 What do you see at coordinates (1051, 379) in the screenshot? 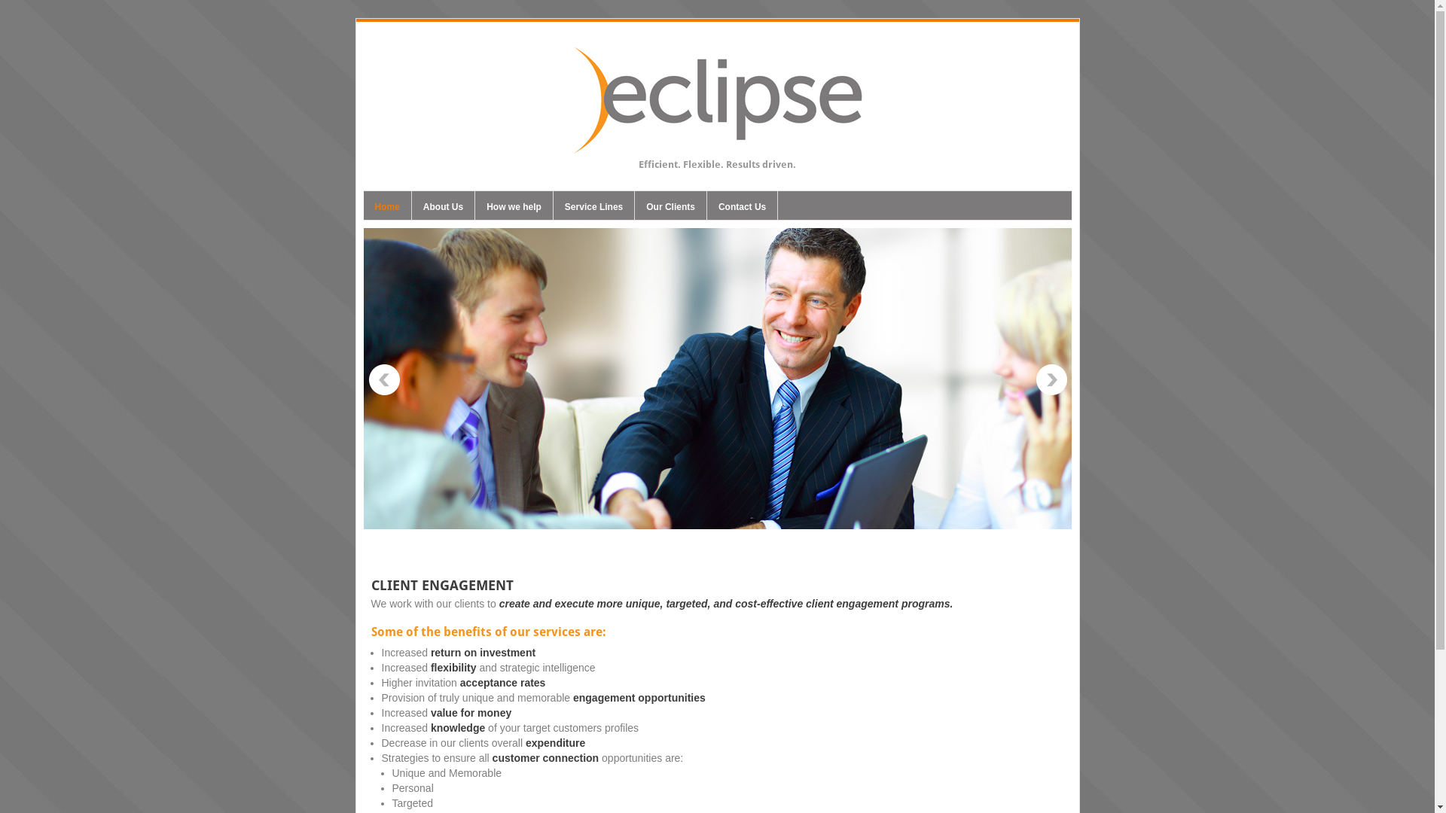
I see `'Next'` at bounding box center [1051, 379].